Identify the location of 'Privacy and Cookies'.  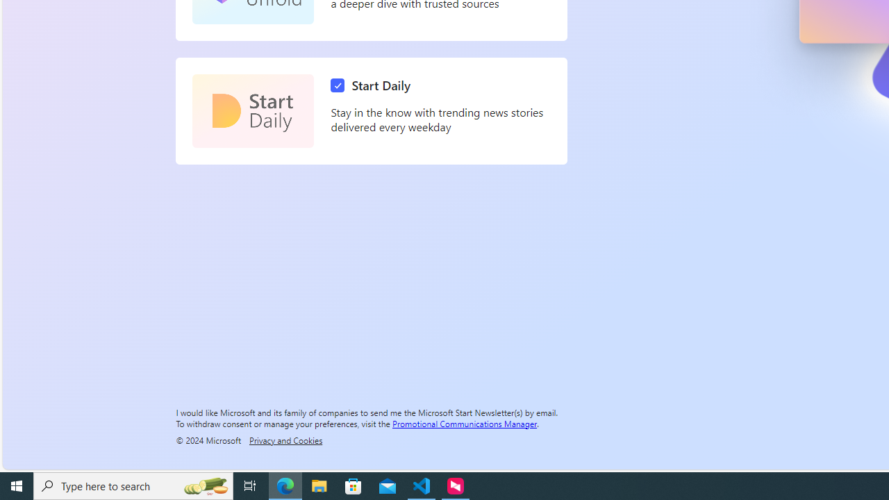
(285, 440).